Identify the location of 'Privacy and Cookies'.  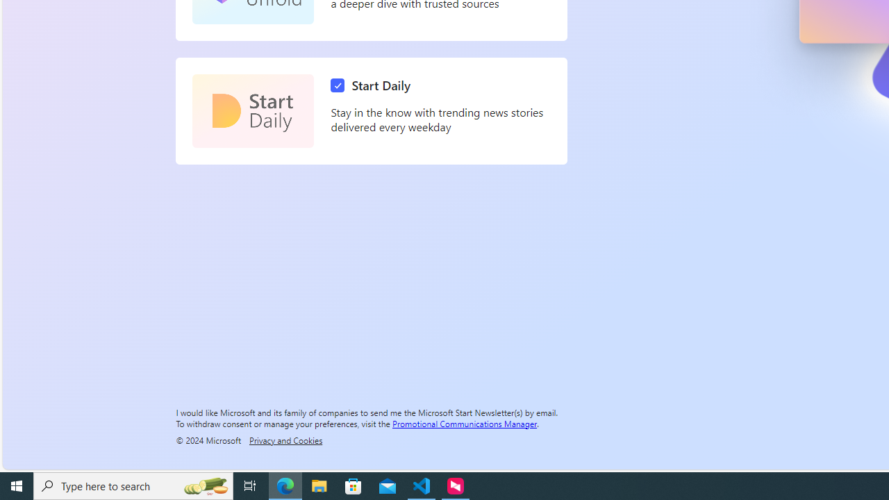
(285, 440).